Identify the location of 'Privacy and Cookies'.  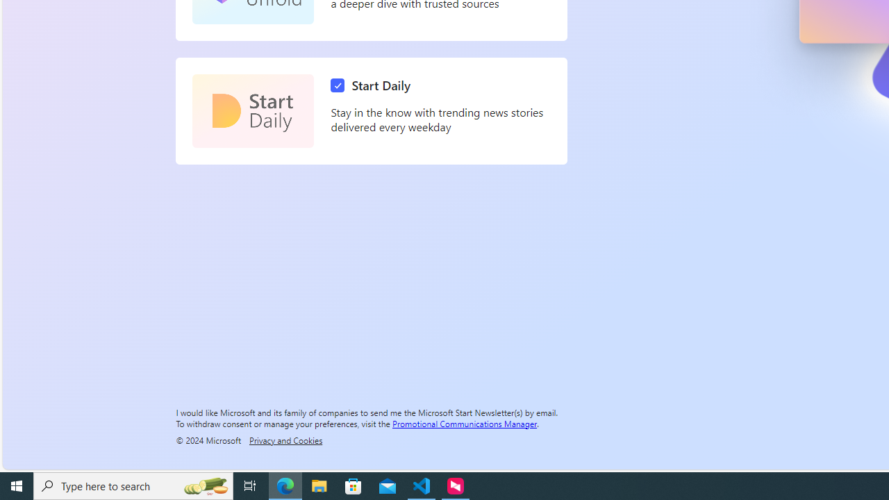
(285, 440).